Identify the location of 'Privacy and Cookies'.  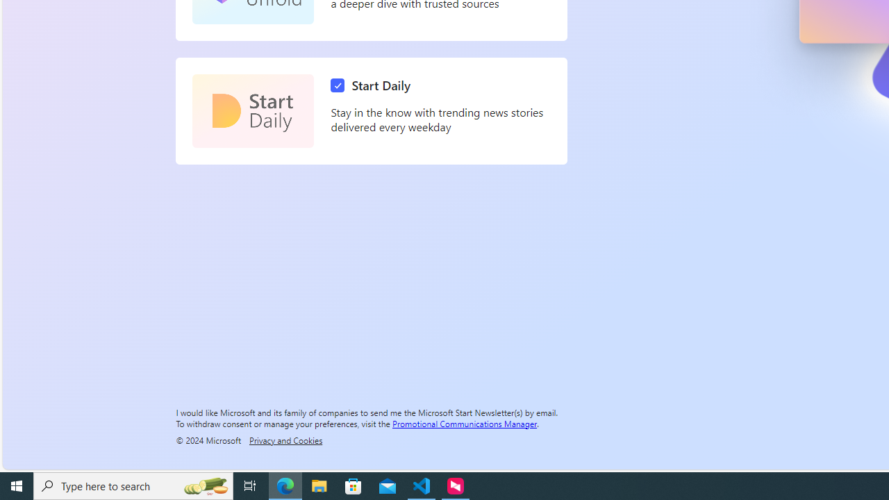
(285, 440).